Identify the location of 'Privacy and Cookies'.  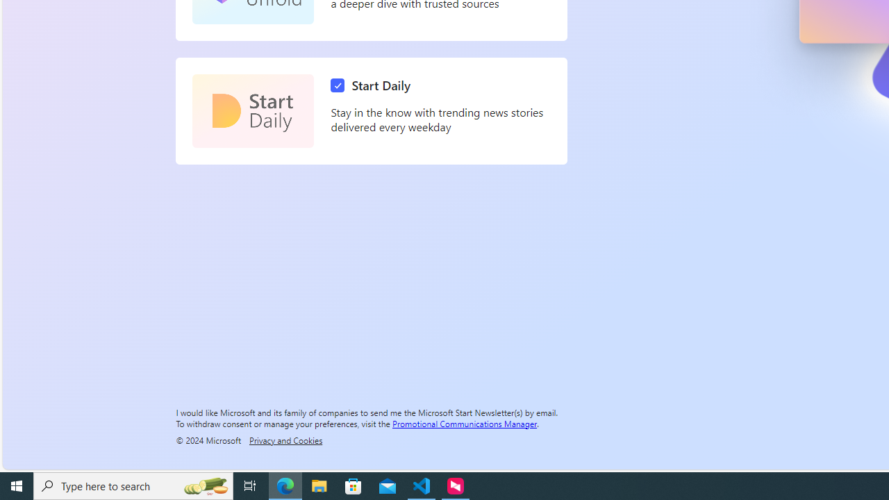
(285, 440).